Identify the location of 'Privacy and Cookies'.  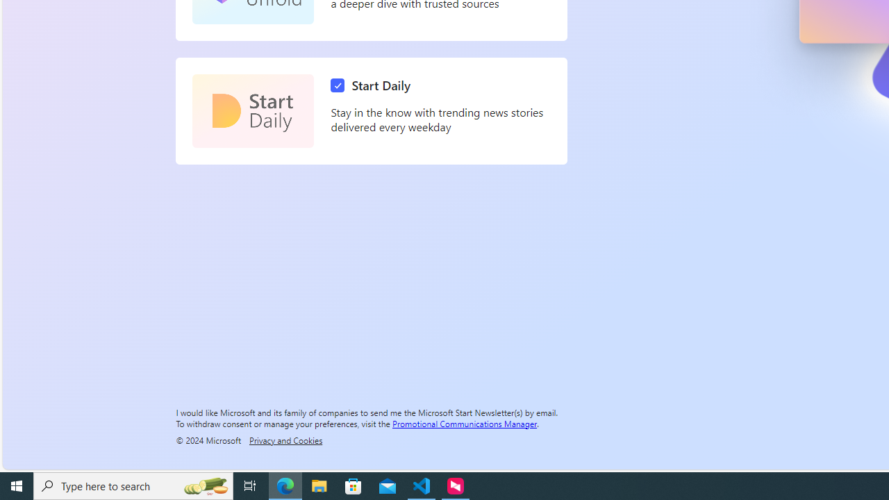
(285, 440).